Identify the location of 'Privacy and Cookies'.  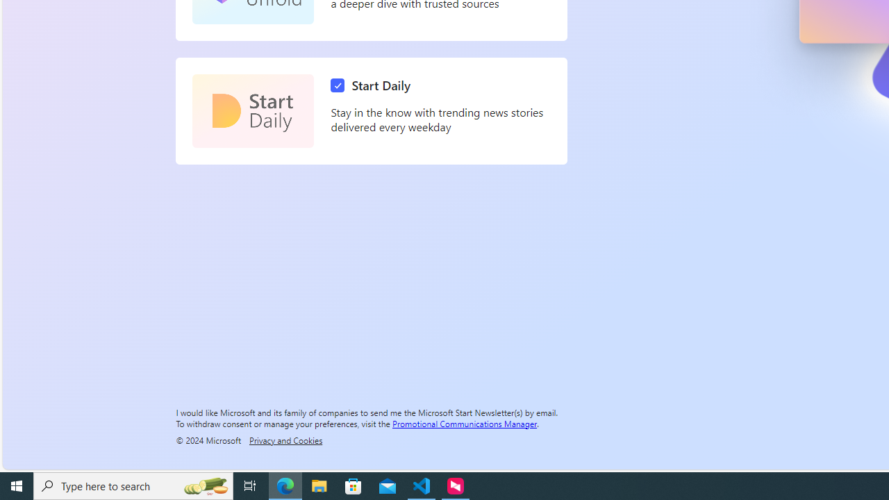
(285, 440).